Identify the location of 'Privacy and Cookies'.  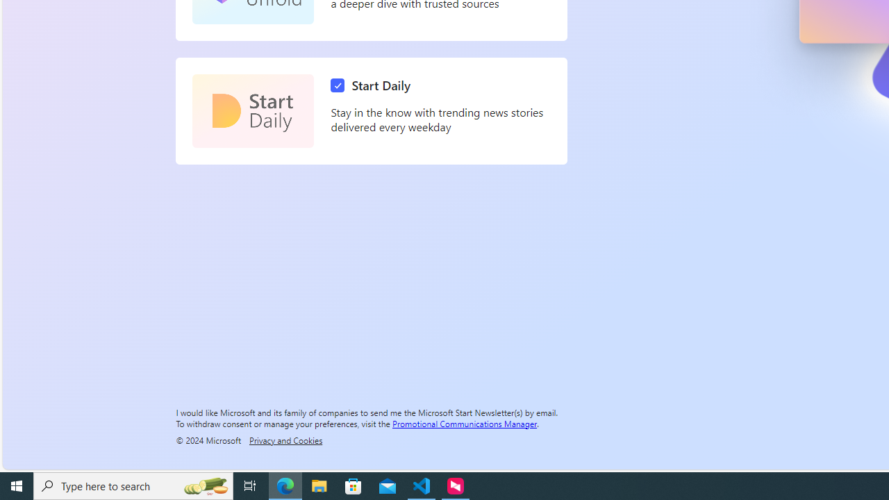
(285, 440).